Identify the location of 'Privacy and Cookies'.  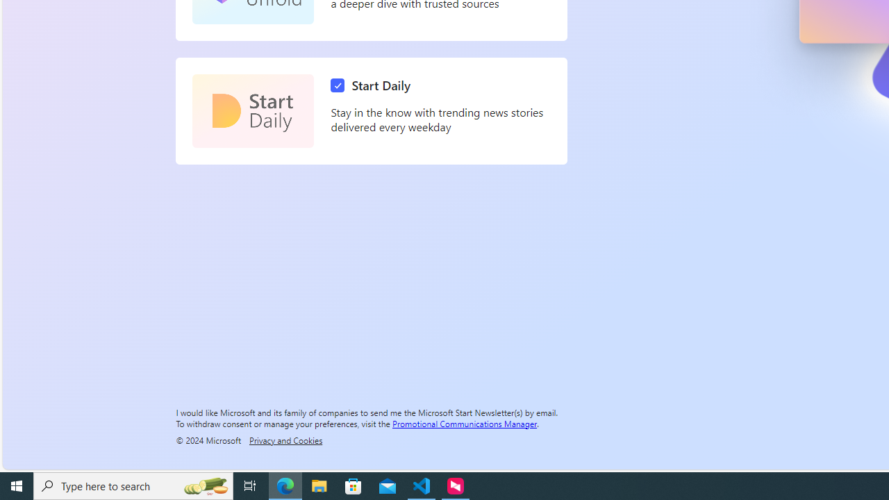
(285, 440).